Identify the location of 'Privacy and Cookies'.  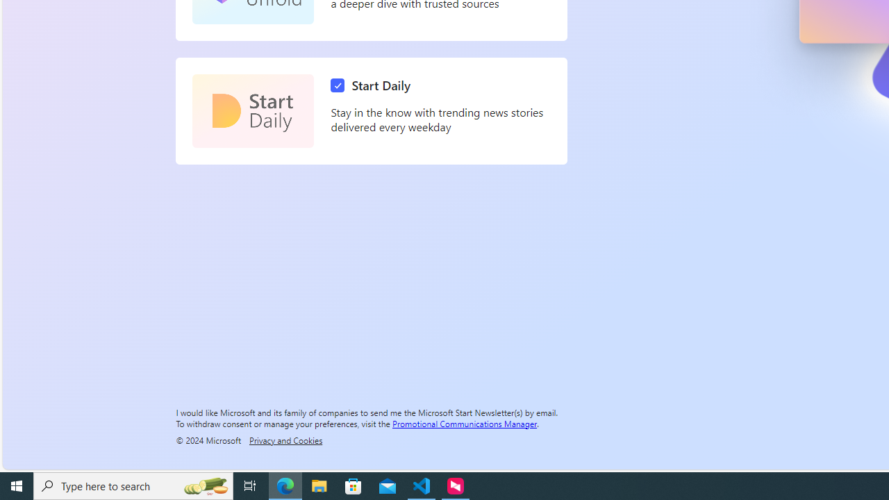
(285, 440).